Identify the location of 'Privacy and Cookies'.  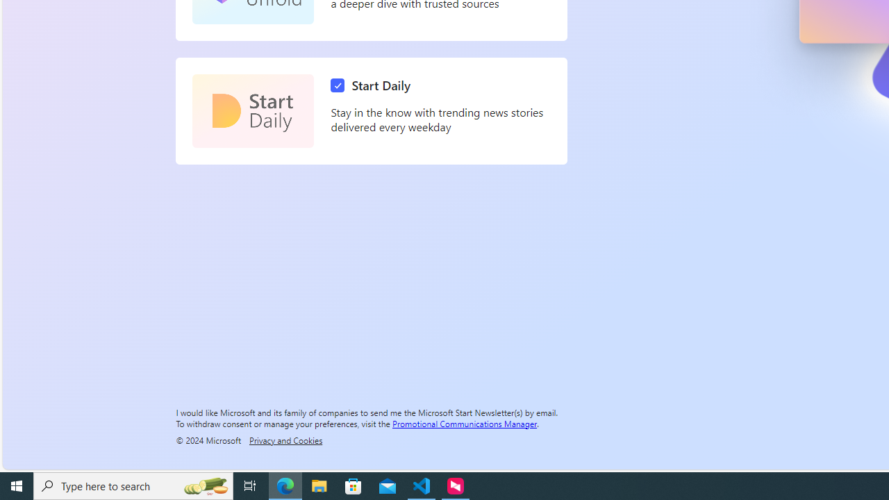
(285, 440).